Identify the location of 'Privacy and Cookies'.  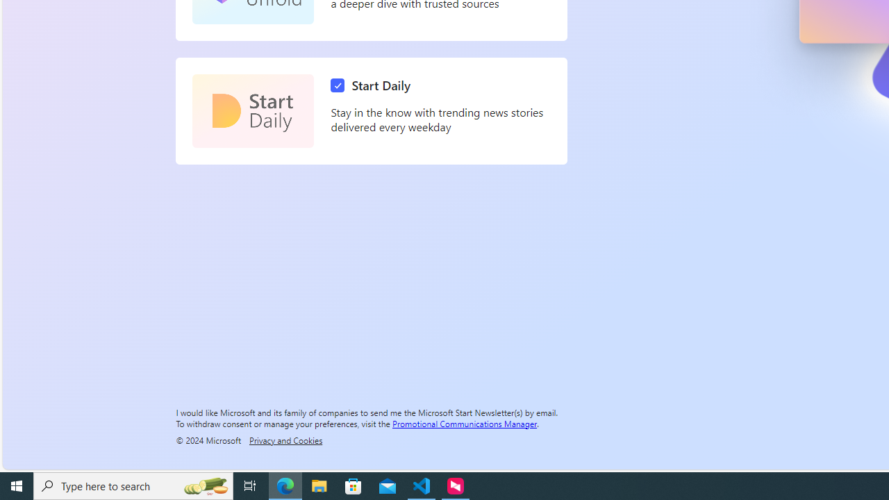
(285, 440).